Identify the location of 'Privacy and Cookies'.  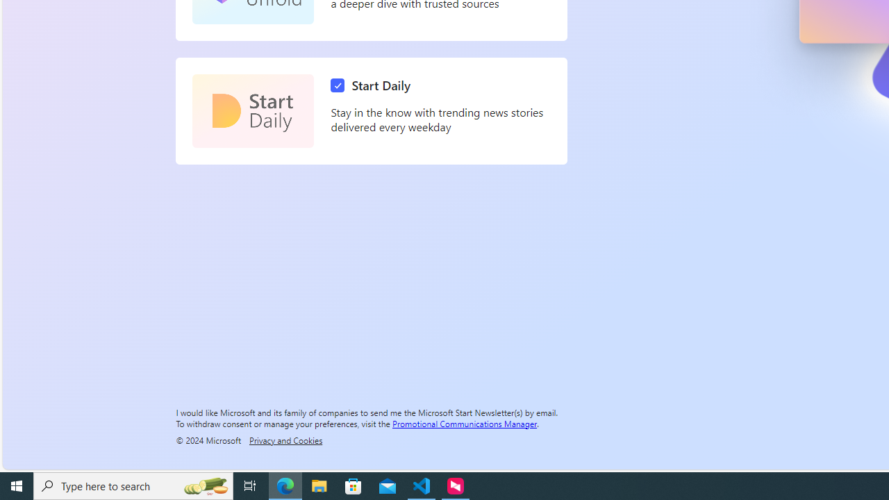
(285, 440).